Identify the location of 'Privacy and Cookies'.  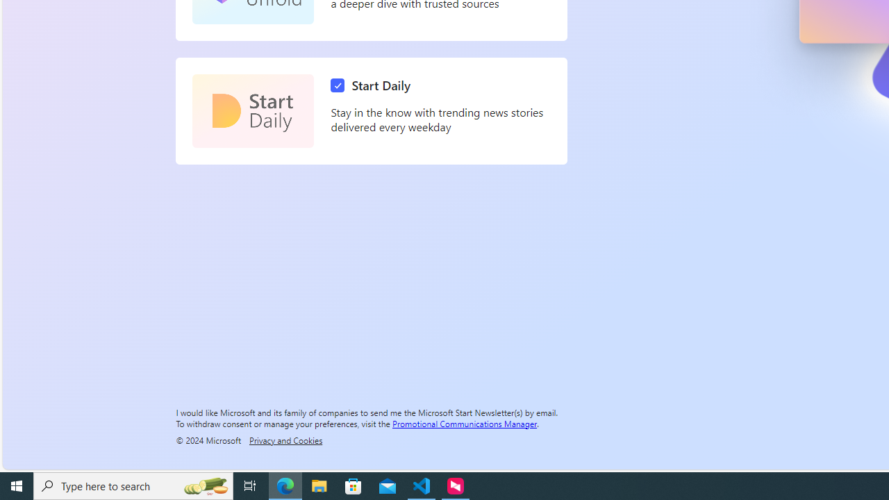
(285, 440).